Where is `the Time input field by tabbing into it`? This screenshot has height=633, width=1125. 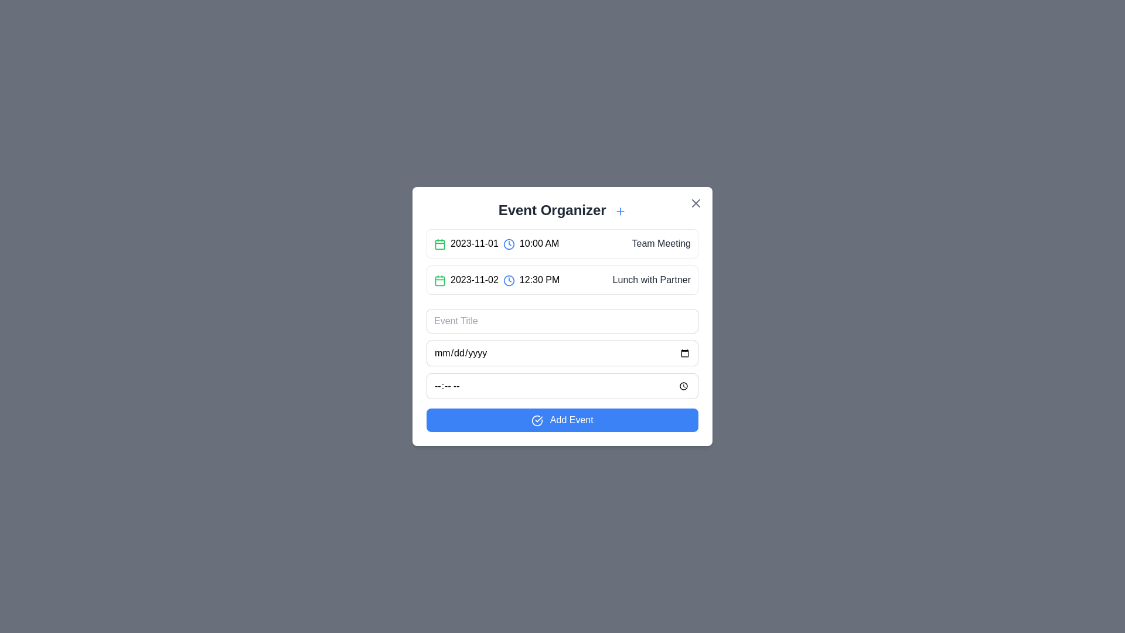
the Time input field by tabbing into it is located at coordinates (562, 386).